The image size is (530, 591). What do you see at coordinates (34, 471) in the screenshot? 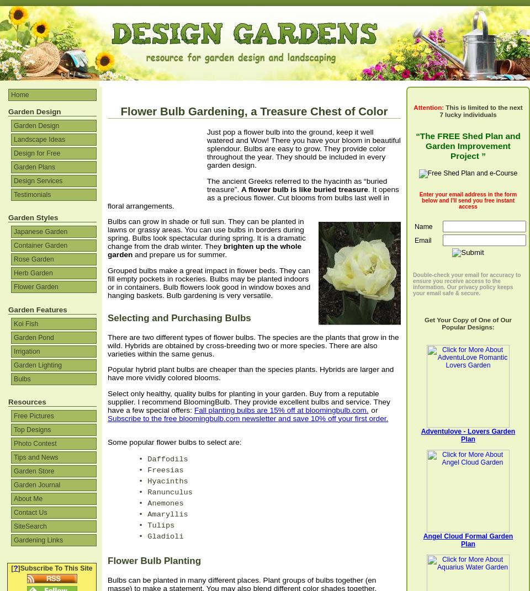
I see `'Garden Store'` at bounding box center [34, 471].